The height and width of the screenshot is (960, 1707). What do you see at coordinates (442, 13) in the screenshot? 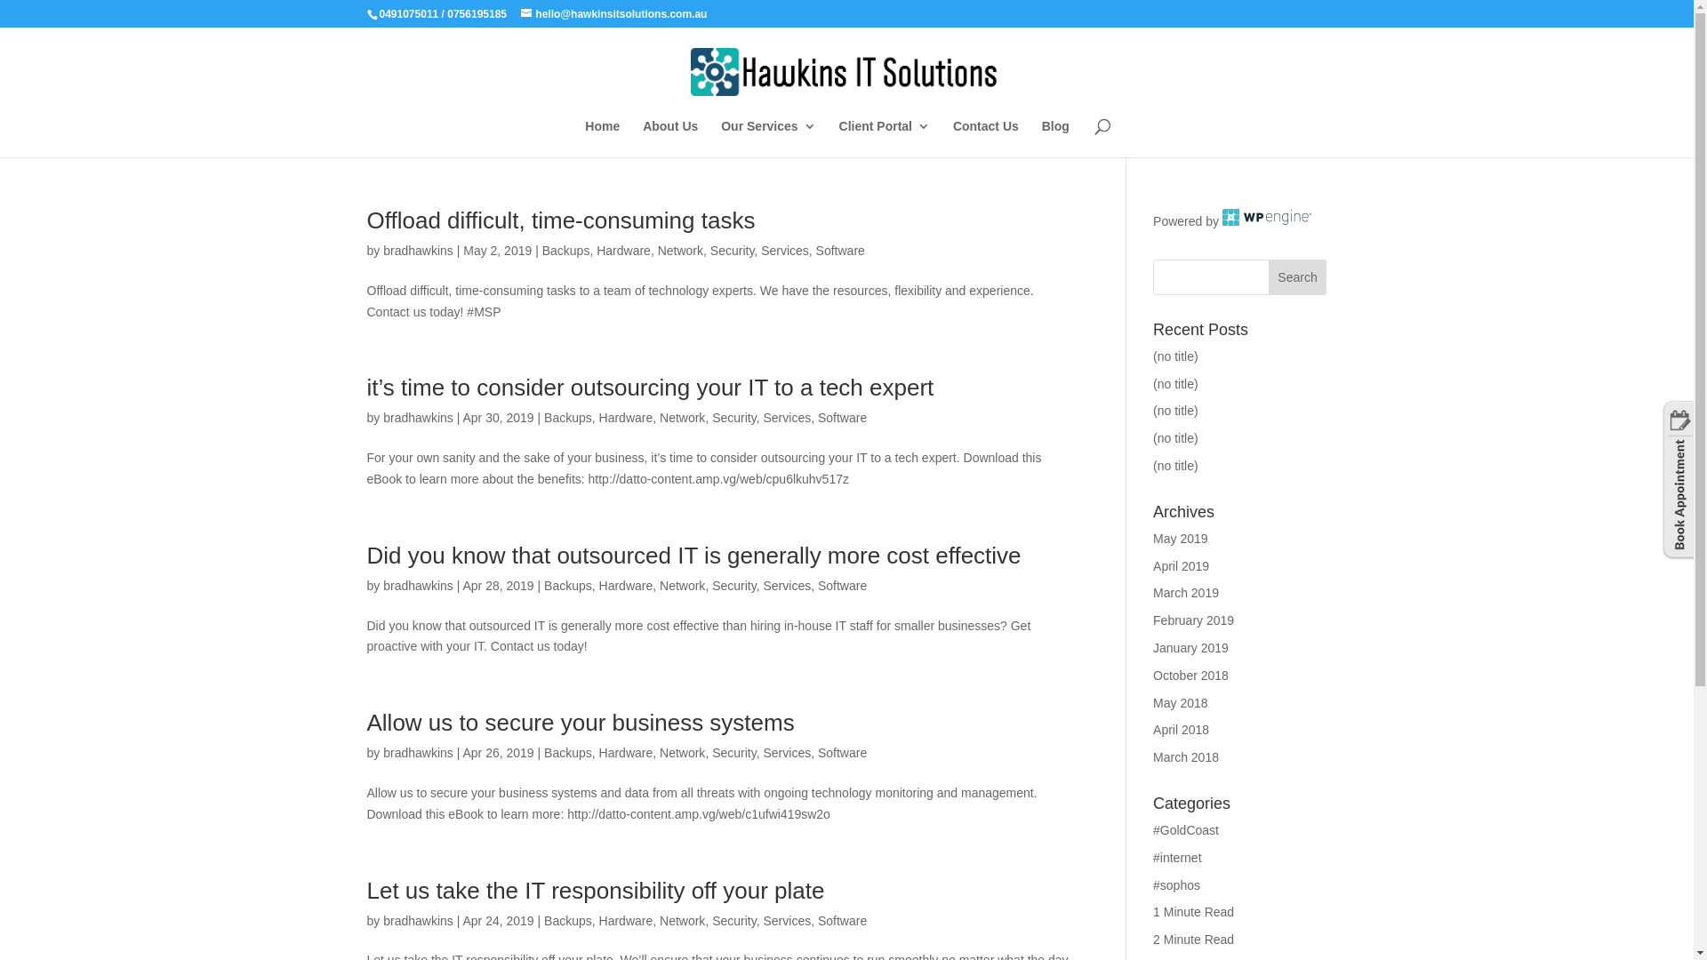
I see `'/ 0756195185'` at bounding box center [442, 13].